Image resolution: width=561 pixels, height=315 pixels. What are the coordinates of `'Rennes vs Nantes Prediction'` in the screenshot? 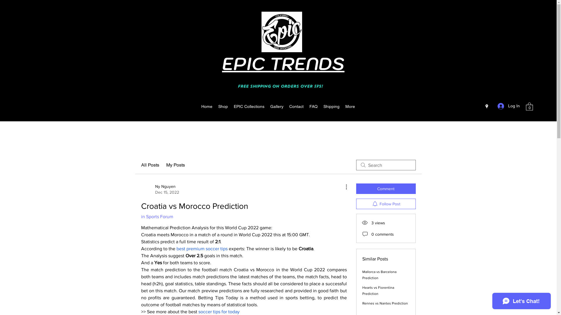 It's located at (385, 303).